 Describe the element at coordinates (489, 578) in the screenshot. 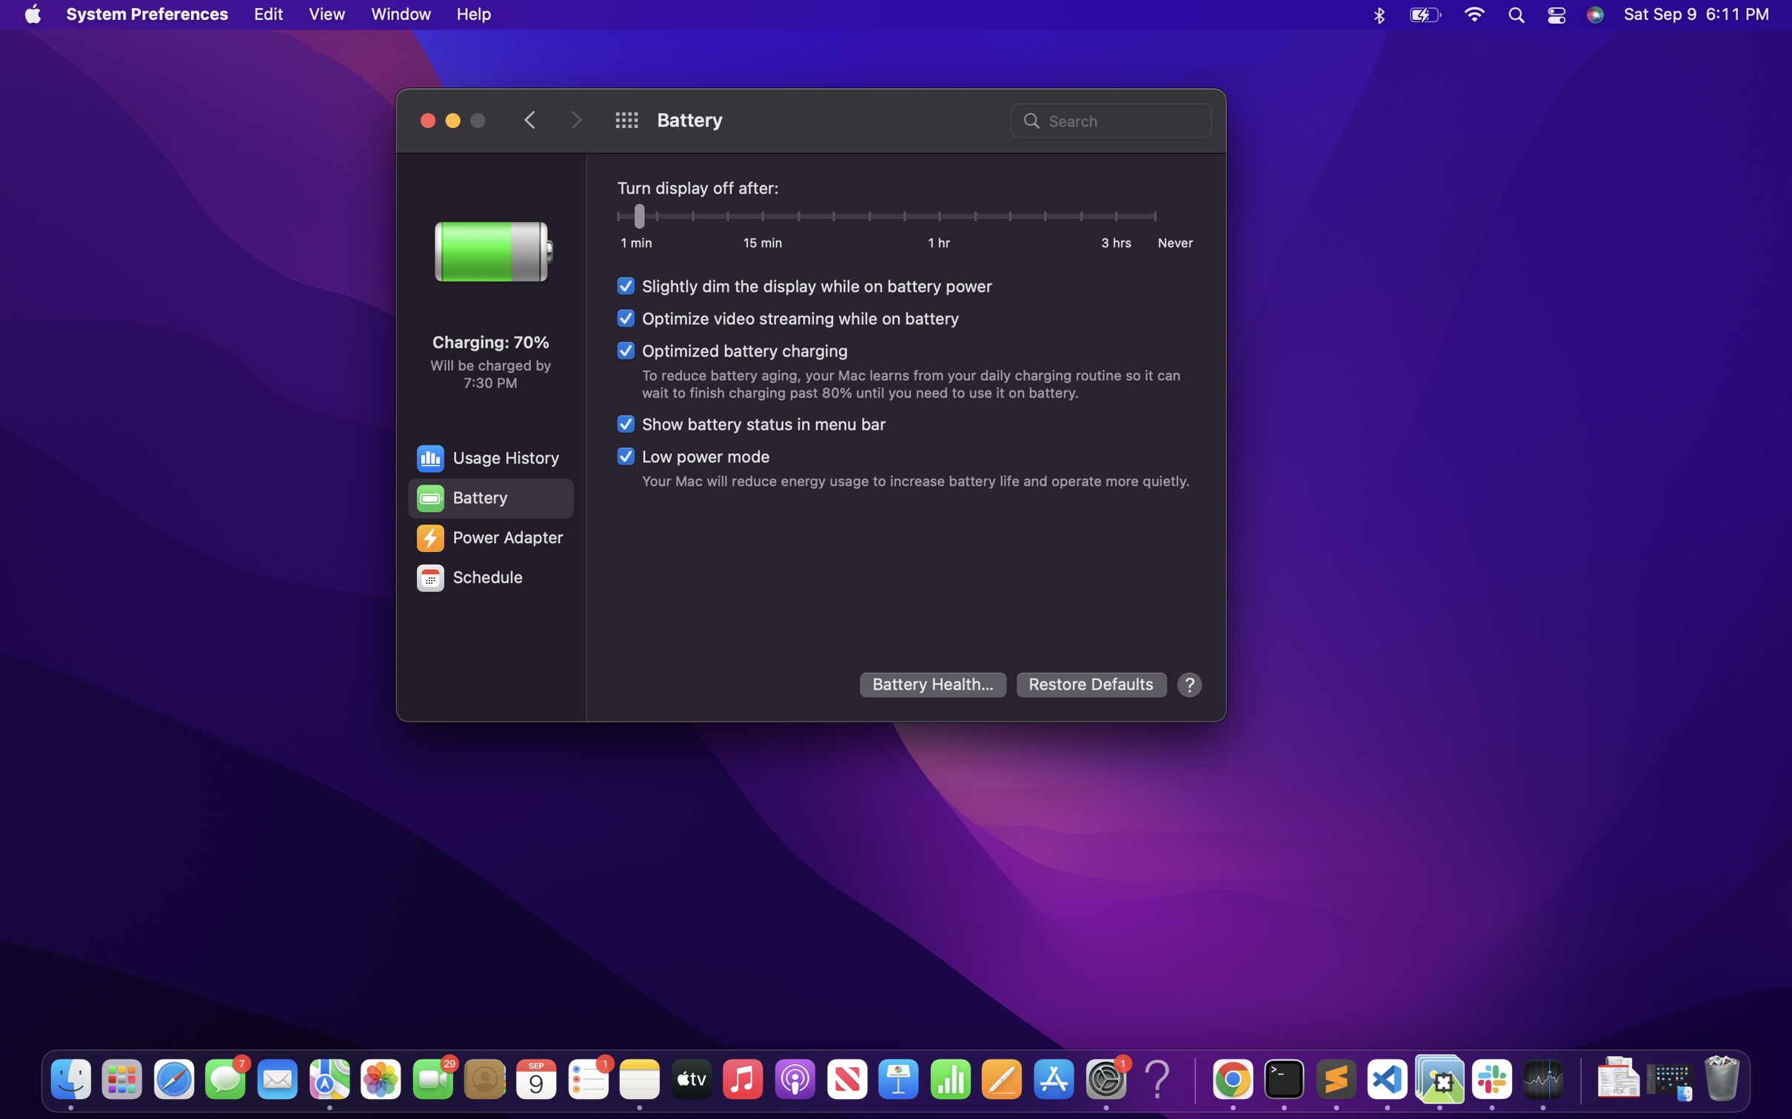

I see `Go to the settings of the schedule` at that location.